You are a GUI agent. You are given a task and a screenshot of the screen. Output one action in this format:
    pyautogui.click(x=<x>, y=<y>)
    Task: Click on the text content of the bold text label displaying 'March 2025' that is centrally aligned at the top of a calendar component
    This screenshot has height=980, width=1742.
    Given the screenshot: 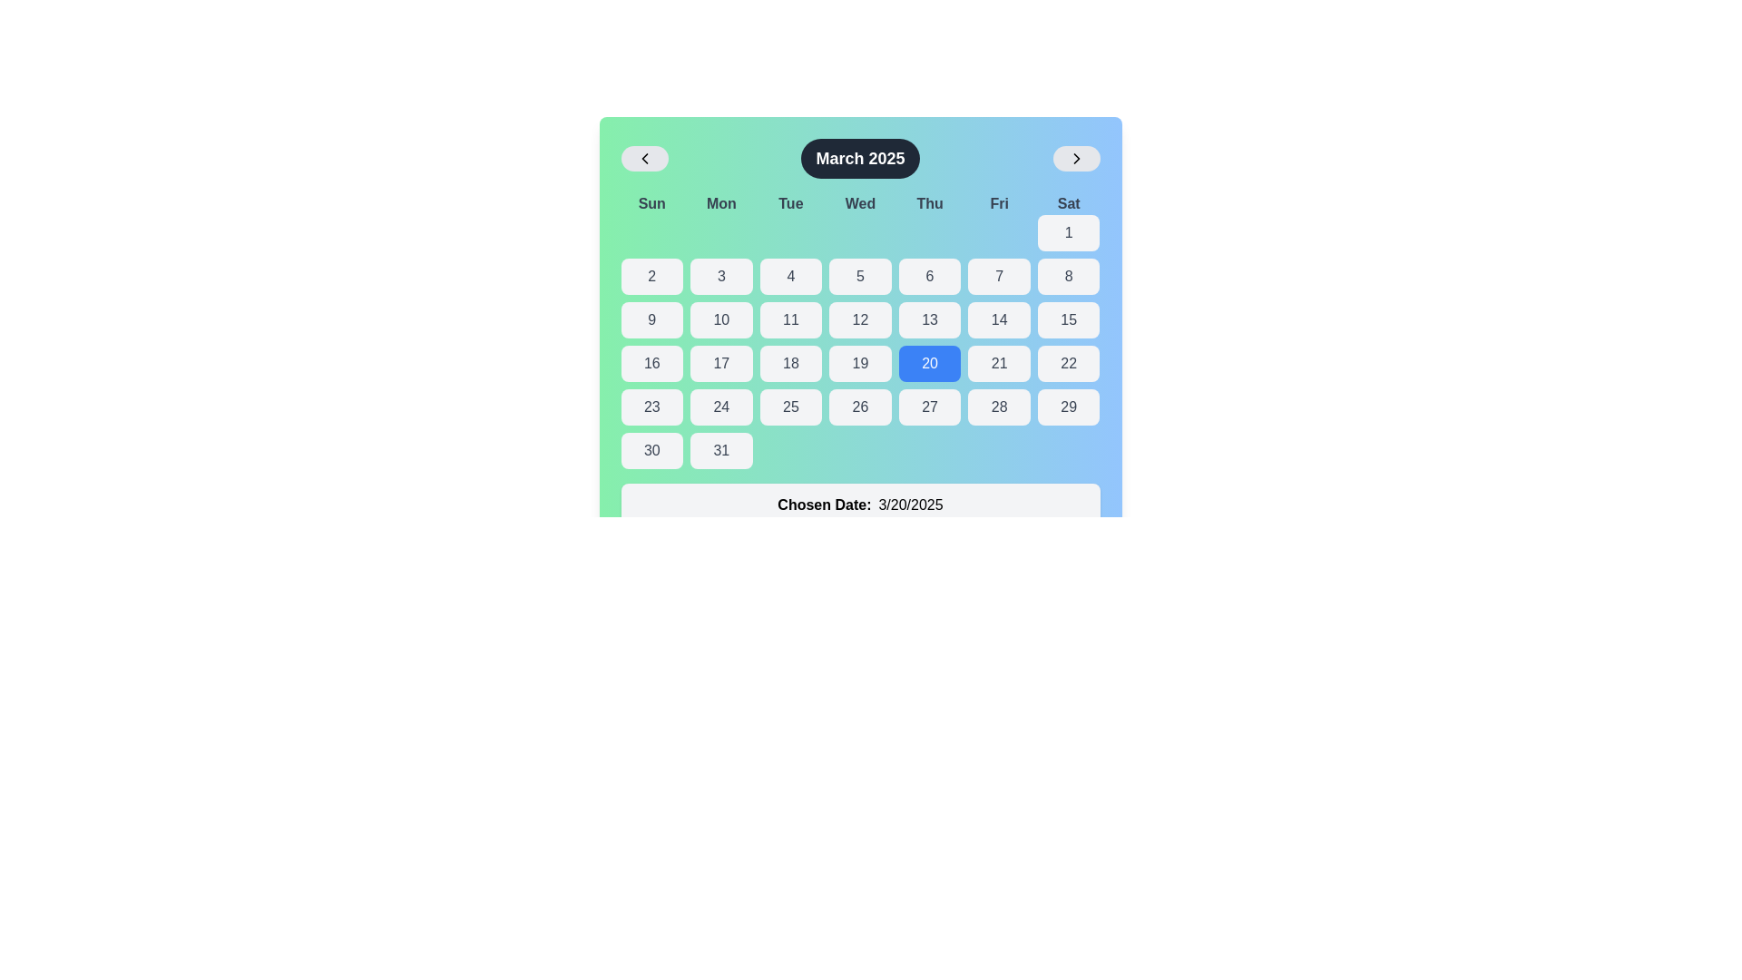 What is the action you would take?
    pyautogui.click(x=859, y=157)
    